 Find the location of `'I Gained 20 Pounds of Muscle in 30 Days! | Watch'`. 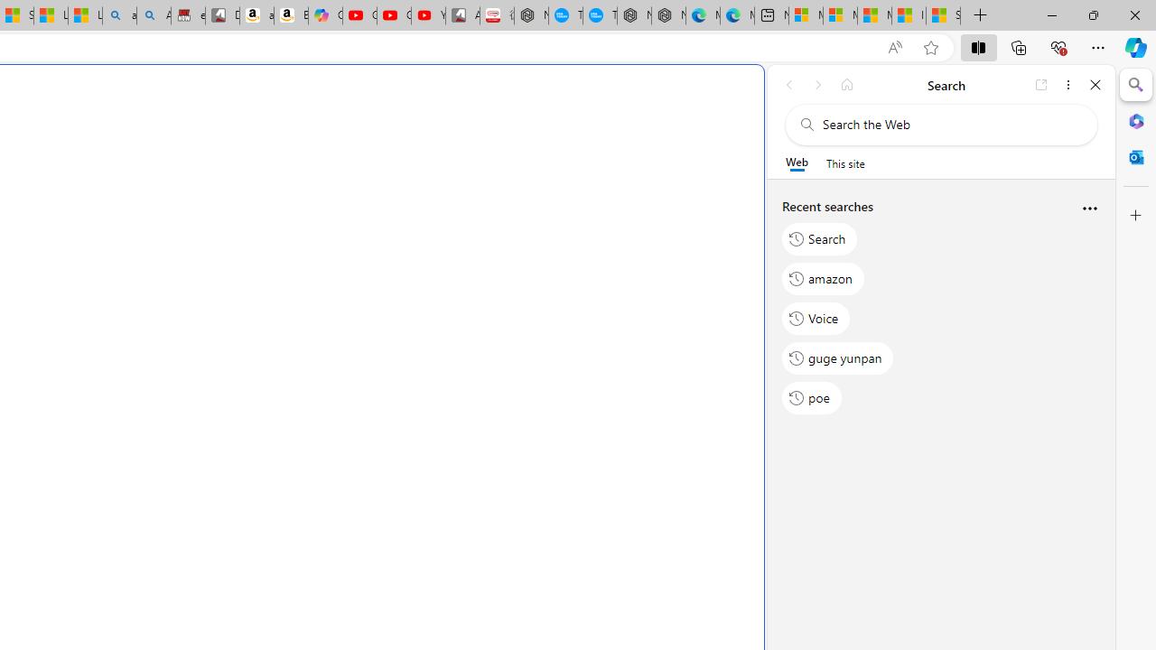

'I Gained 20 Pounds of Muscle in 30 Days! | Watch' is located at coordinates (909, 15).